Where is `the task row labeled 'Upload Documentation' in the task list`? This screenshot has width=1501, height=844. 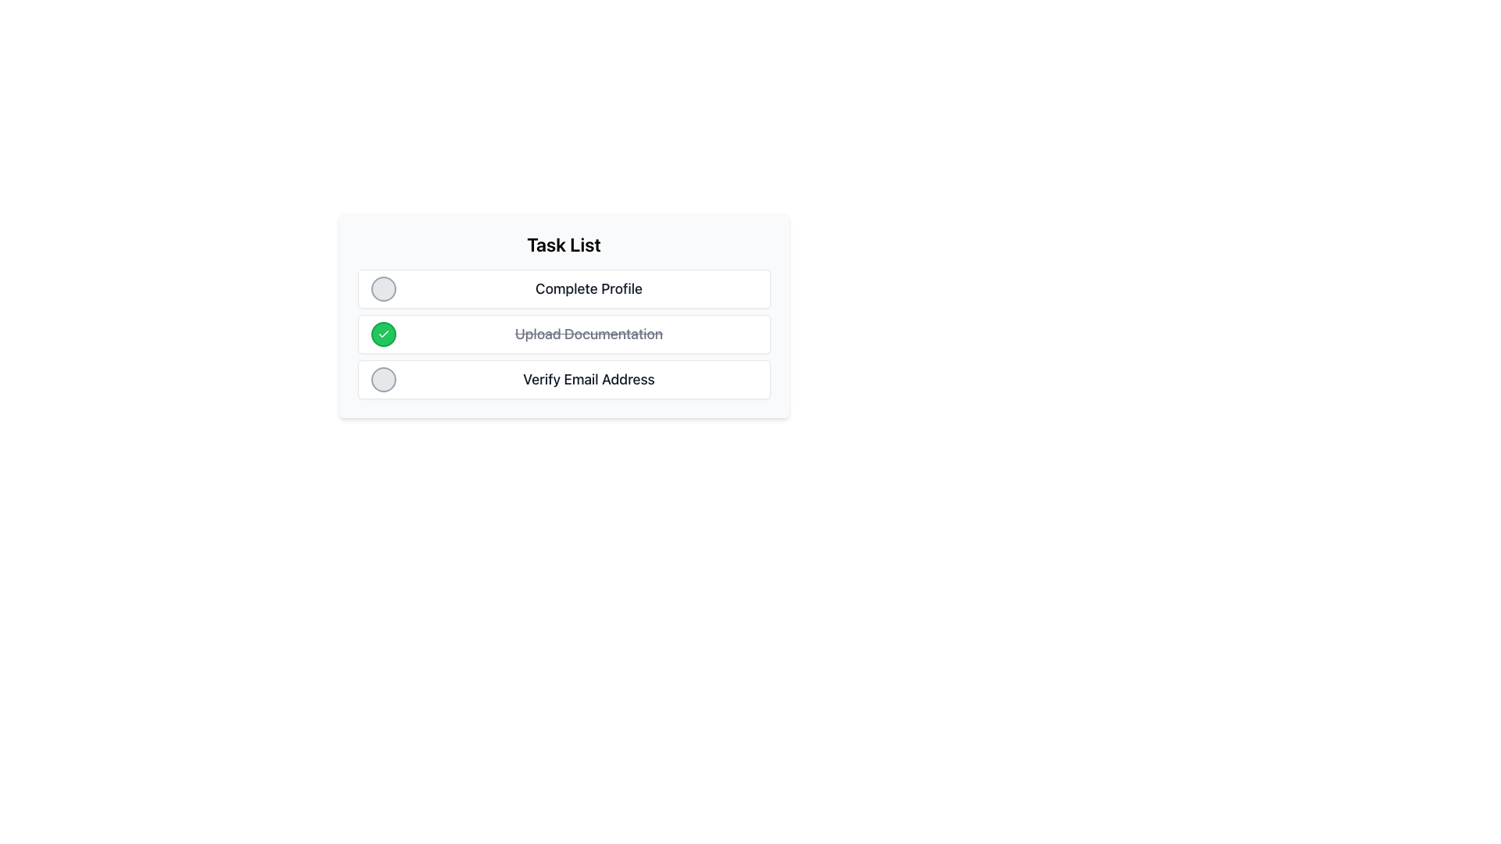
the task row labeled 'Upload Documentation' in the task list is located at coordinates (563, 316).